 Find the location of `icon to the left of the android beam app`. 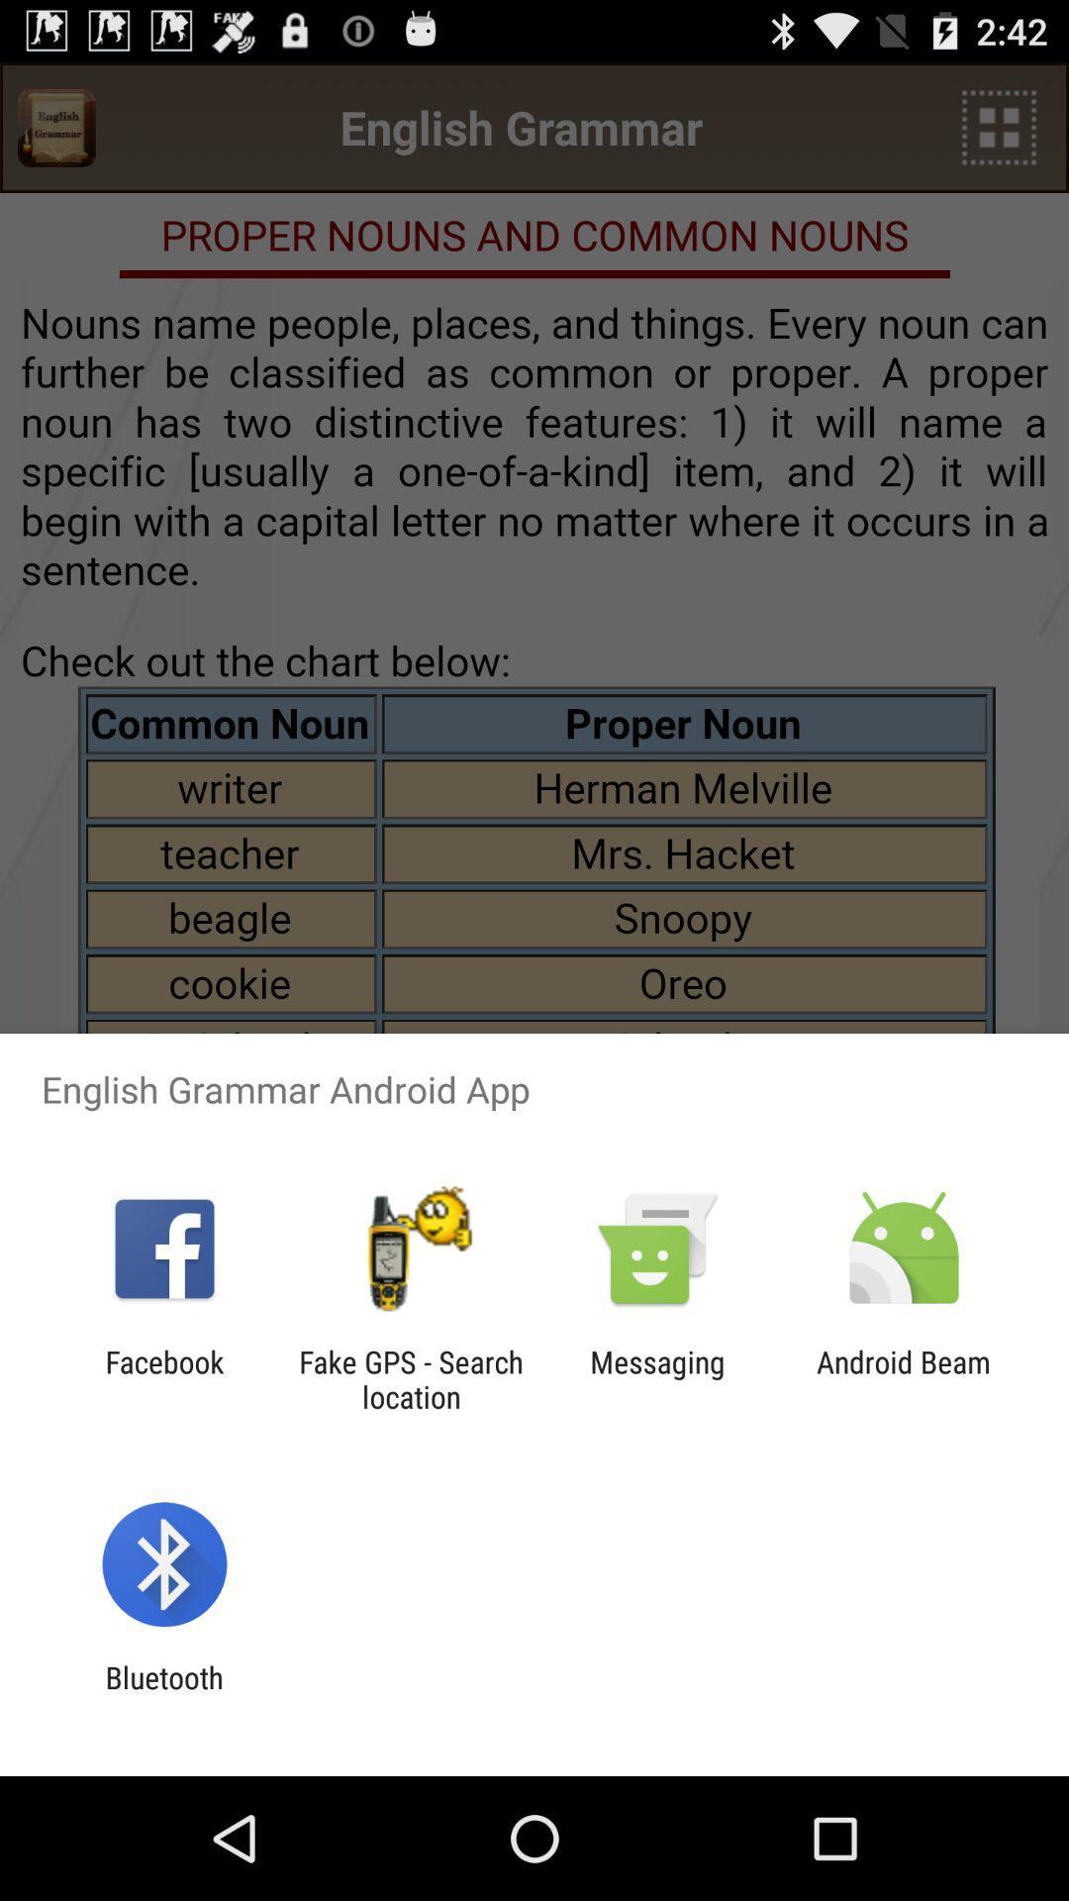

icon to the left of the android beam app is located at coordinates (657, 1378).